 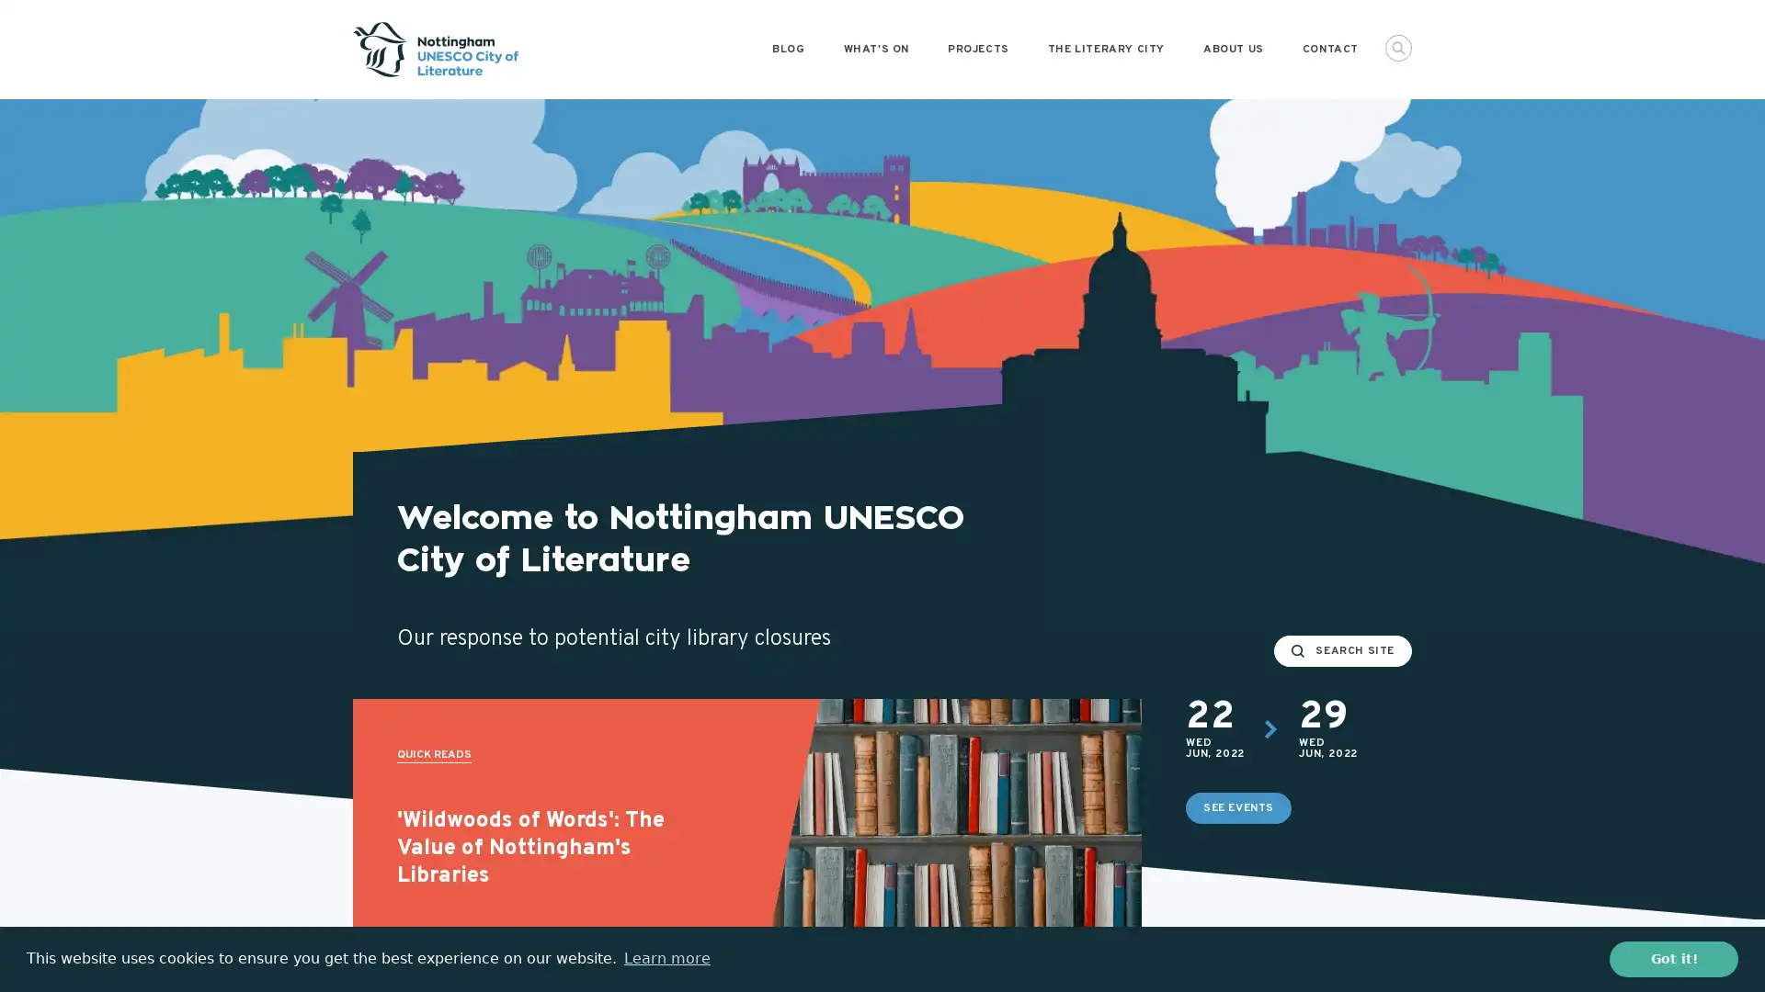 I want to click on learn more about cookies, so click(x=666, y=958).